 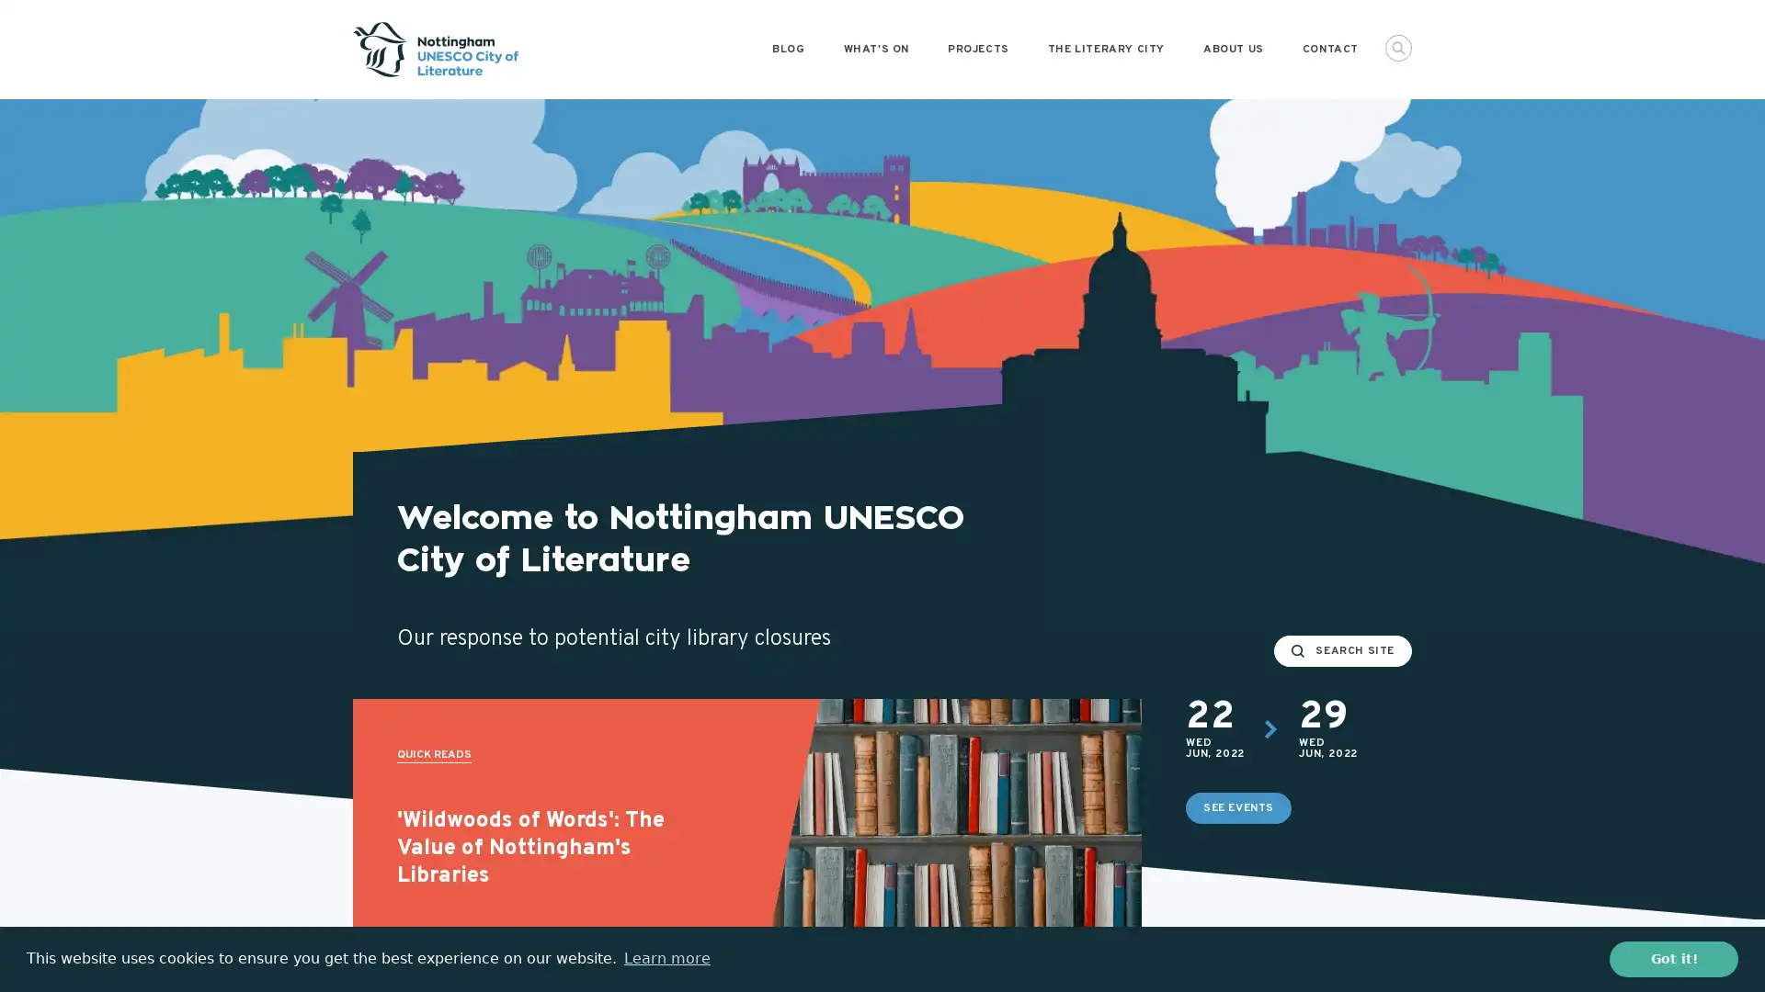 I want to click on learn more about cookies, so click(x=666, y=958).